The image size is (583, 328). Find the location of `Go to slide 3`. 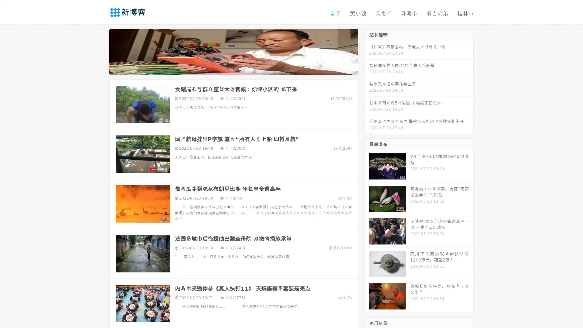

Go to slide 3 is located at coordinates (240, 68).